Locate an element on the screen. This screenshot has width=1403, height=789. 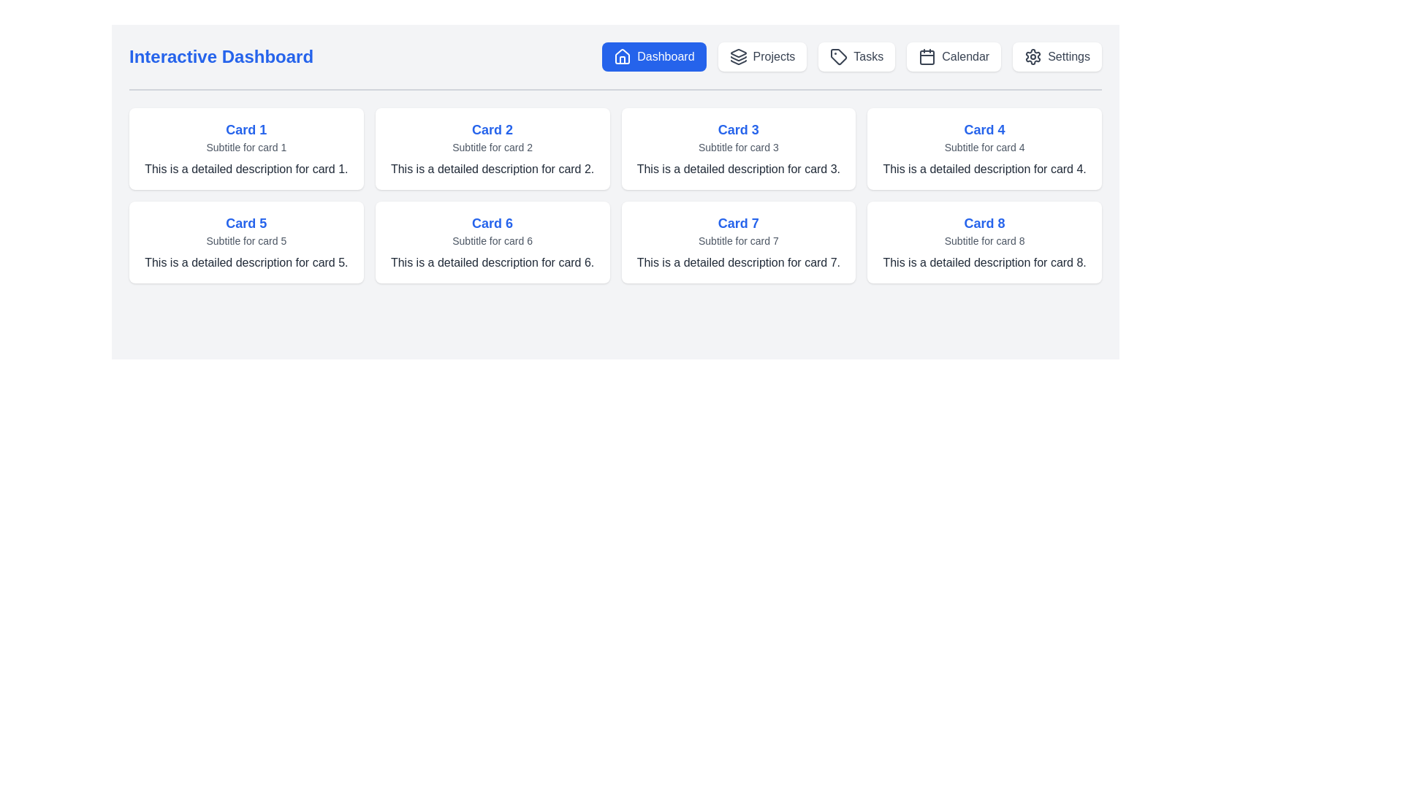
the 'Tasks' text label in gray font color located in the navigation bar next to the tag icon is located at coordinates (868, 56).